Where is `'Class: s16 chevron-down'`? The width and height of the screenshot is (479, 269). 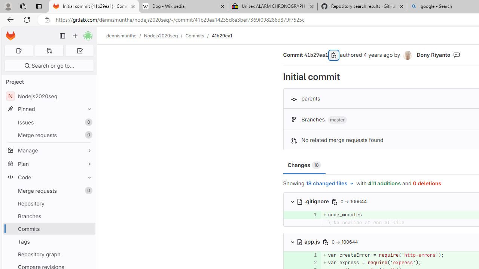
'Class: s16 chevron-down' is located at coordinates (292, 242).